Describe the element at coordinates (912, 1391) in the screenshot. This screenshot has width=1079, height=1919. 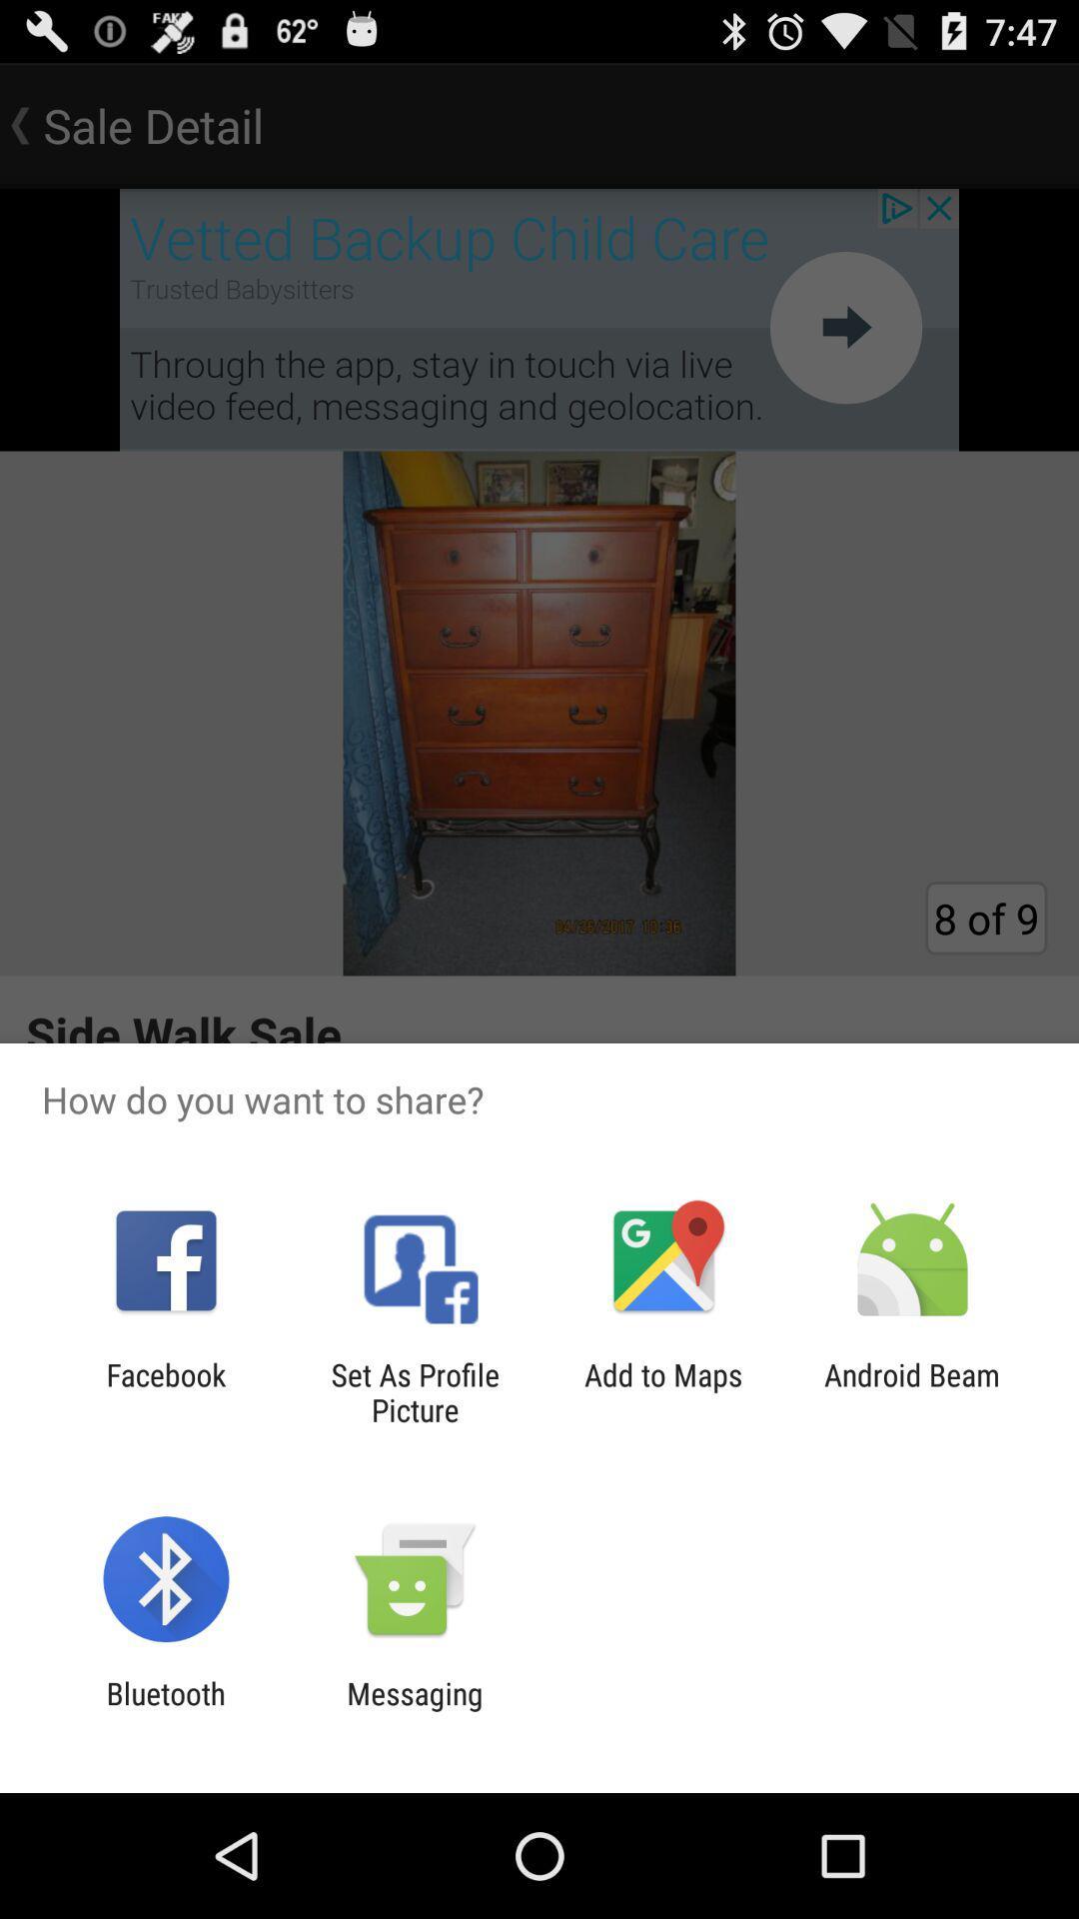
I see `the app at the bottom right corner` at that location.